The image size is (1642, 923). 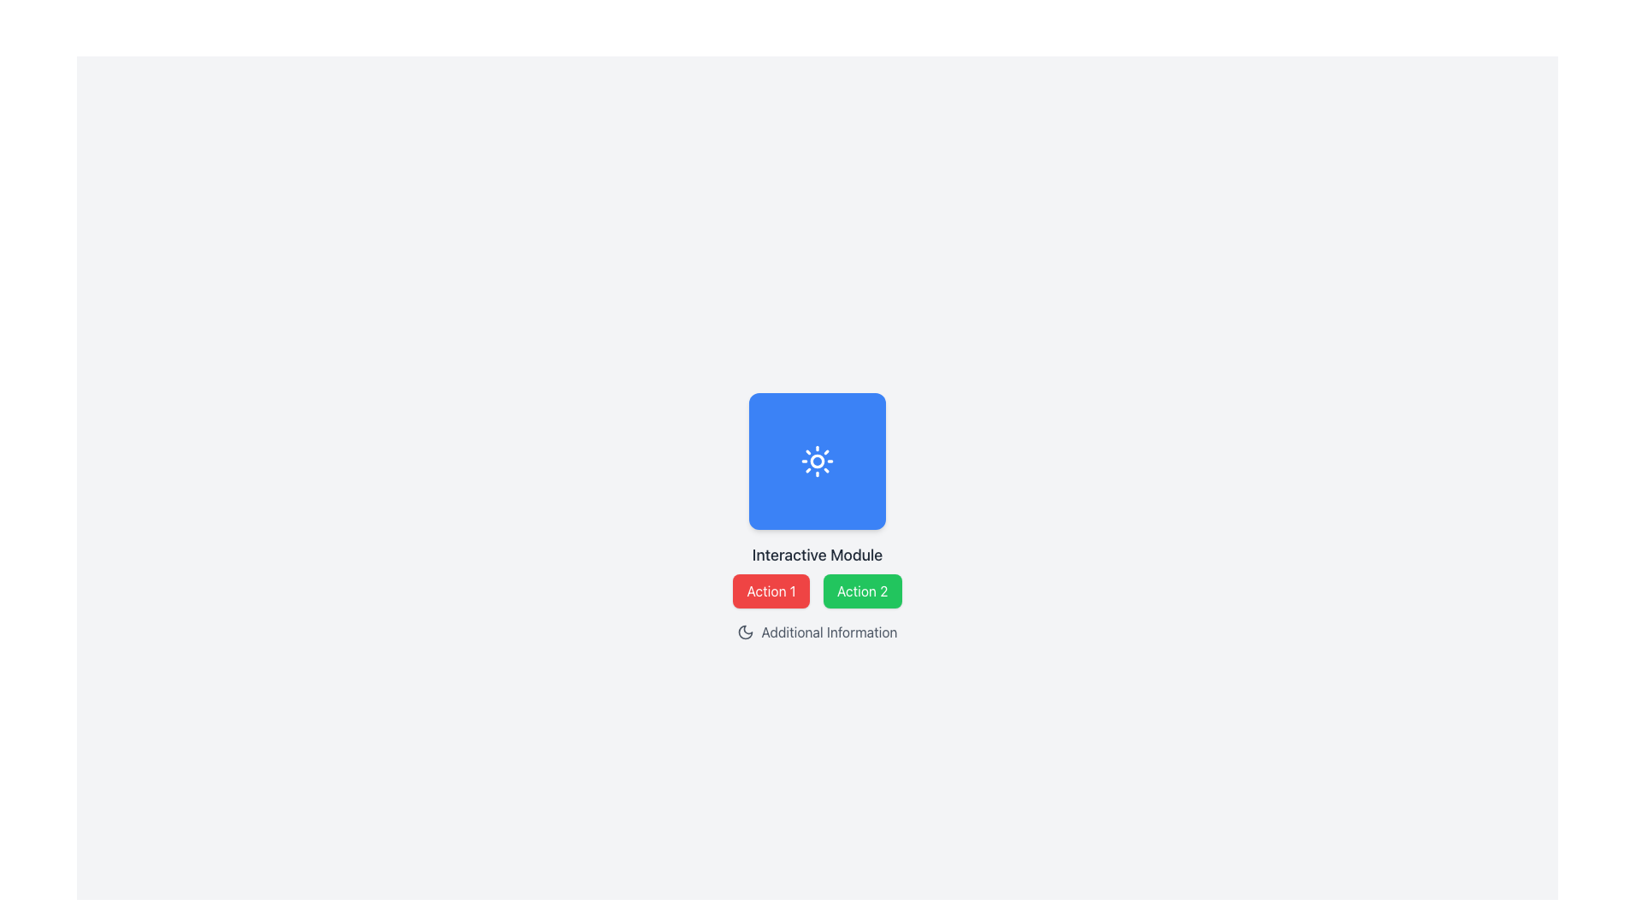 What do you see at coordinates (816, 554) in the screenshot?
I see `the descriptive text label that is centrally positioned below the blue square icon and above the 'Action 1' and 'Action 2' buttons` at bounding box center [816, 554].